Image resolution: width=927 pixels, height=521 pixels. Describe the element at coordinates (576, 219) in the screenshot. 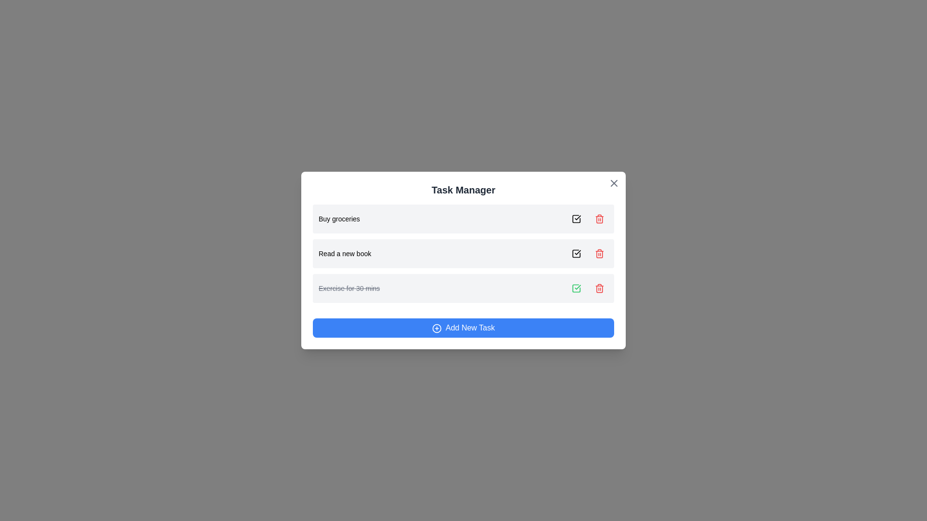

I see `the checkbox located in the topmost row of the task list, positioned to the right of the 'Buy groceries' task text` at that location.